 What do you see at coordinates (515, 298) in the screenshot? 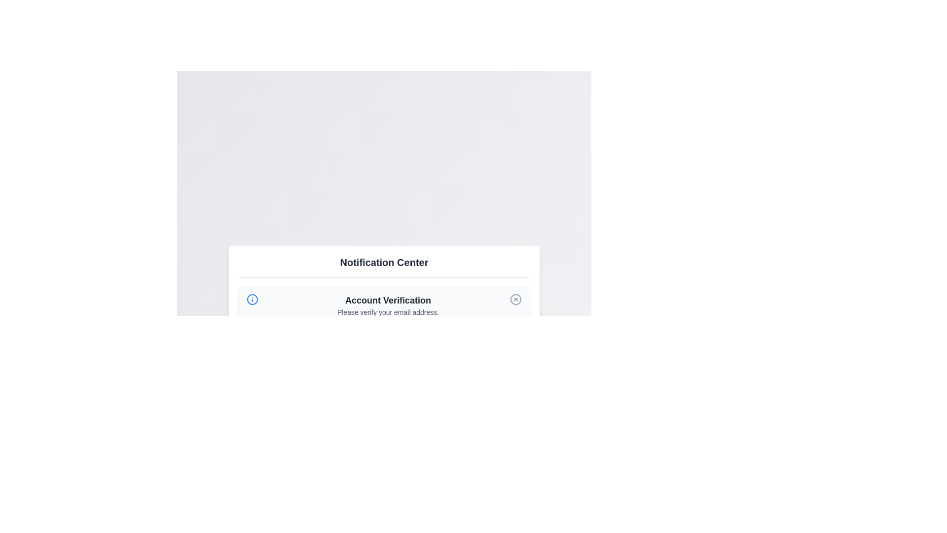
I see `the button (icon-based dismissal control) associated with the 'Account Verification' notification` at bounding box center [515, 298].